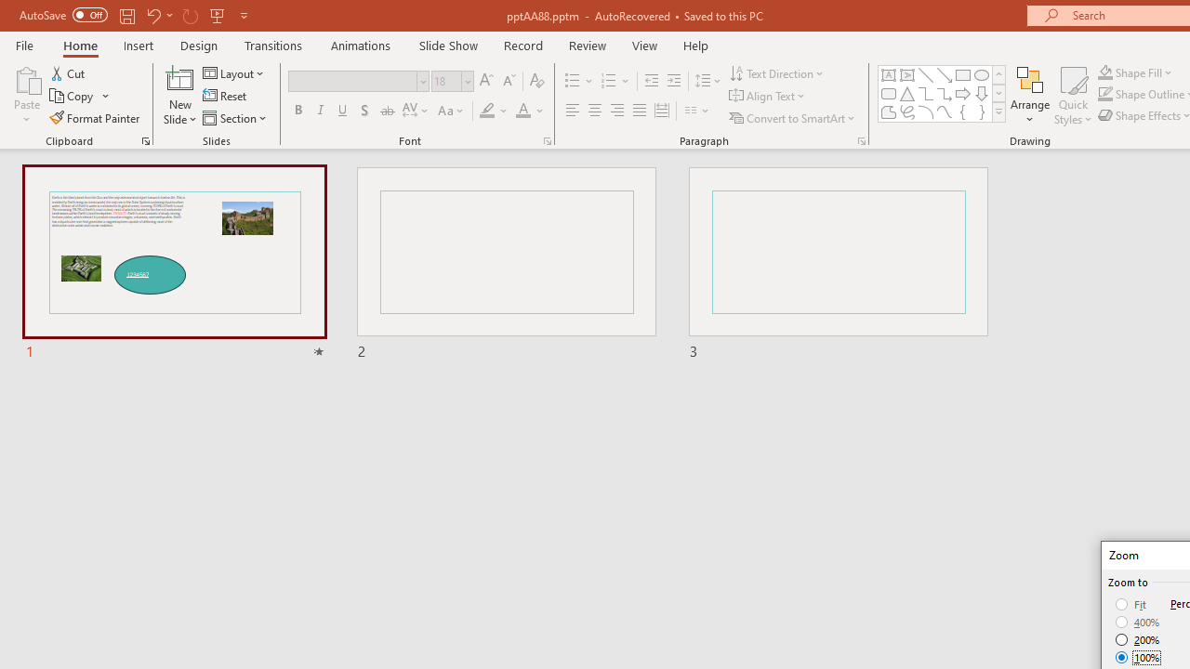 The image size is (1190, 669). What do you see at coordinates (1137, 639) in the screenshot?
I see `'200%'` at bounding box center [1137, 639].